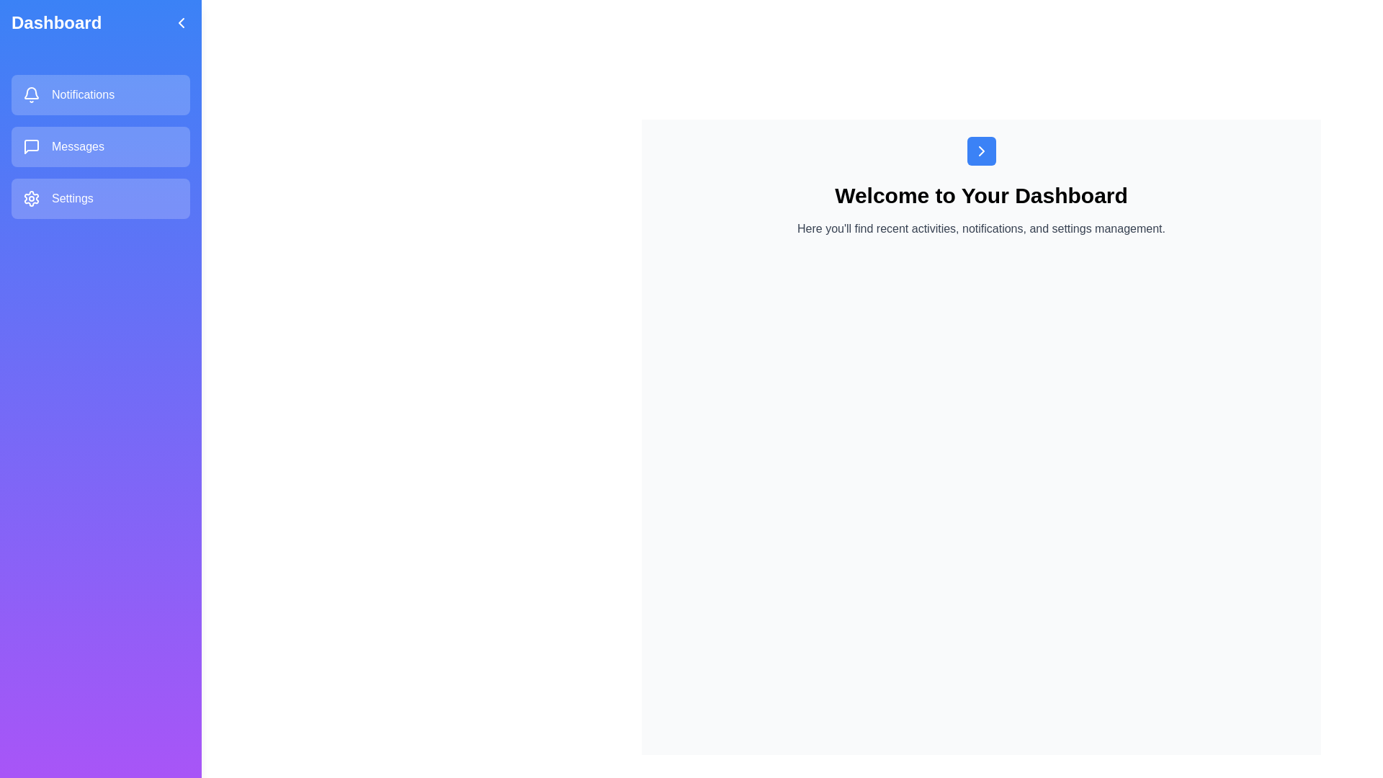  I want to click on 'ChevronLeft' button to toggle the sidebar visibility, so click(181, 22).